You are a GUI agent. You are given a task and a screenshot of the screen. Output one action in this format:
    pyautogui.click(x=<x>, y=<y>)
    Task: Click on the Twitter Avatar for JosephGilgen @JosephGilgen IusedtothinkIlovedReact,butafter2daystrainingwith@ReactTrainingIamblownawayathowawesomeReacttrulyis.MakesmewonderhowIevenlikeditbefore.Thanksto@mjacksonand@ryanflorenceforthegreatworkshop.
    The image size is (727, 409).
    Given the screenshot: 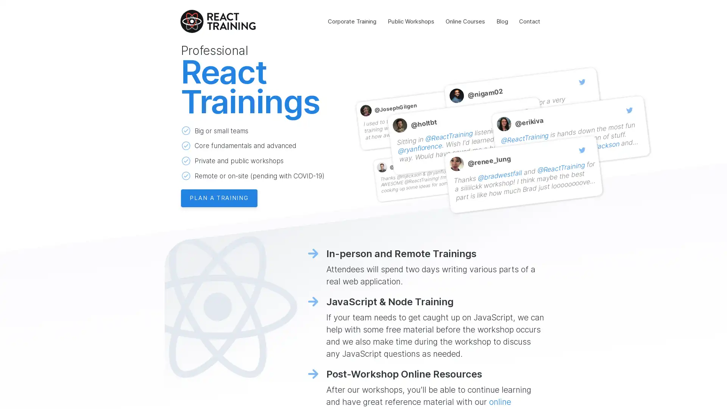 What is the action you would take?
    pyautogui.click(x=418, y=116)
    